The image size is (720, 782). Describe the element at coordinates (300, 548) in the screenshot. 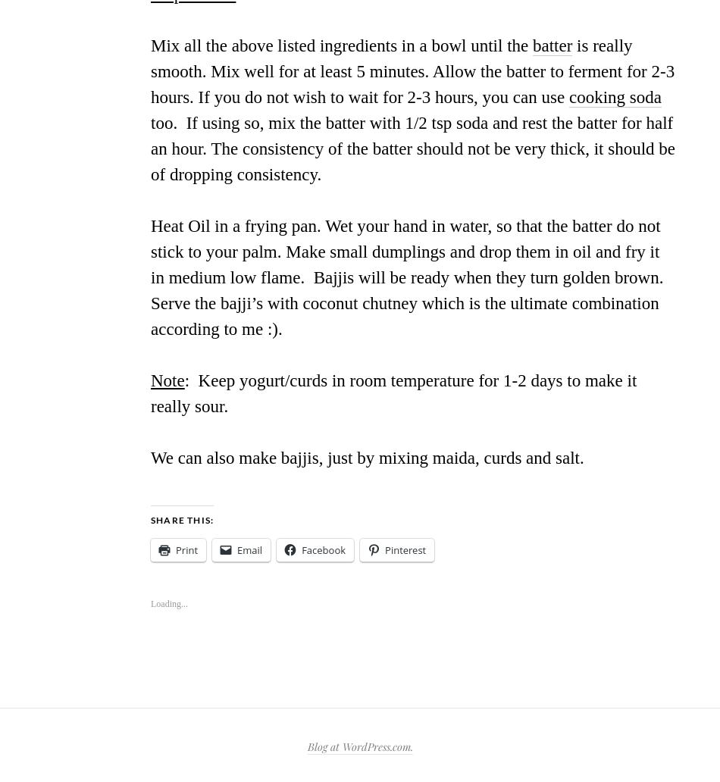

I see `'Facebook'` at that location.